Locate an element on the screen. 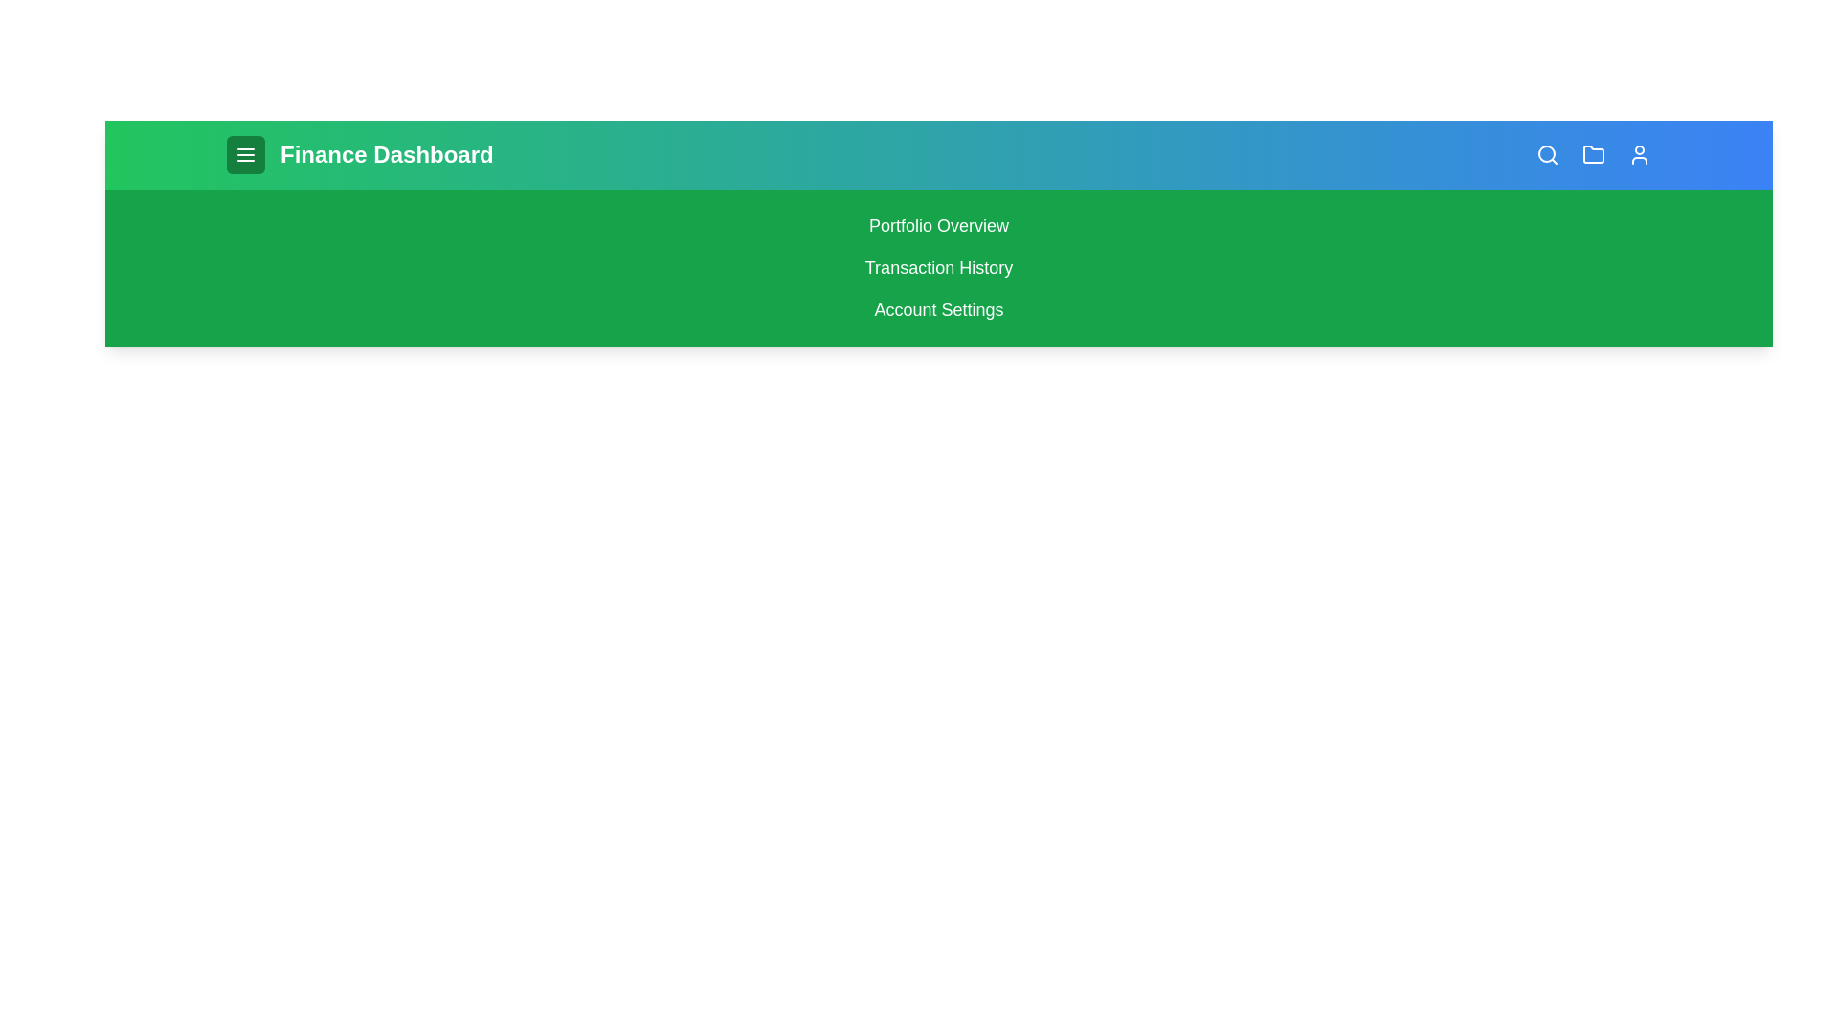  the user icon to view the user profile is located at coordinates (1639, 154).